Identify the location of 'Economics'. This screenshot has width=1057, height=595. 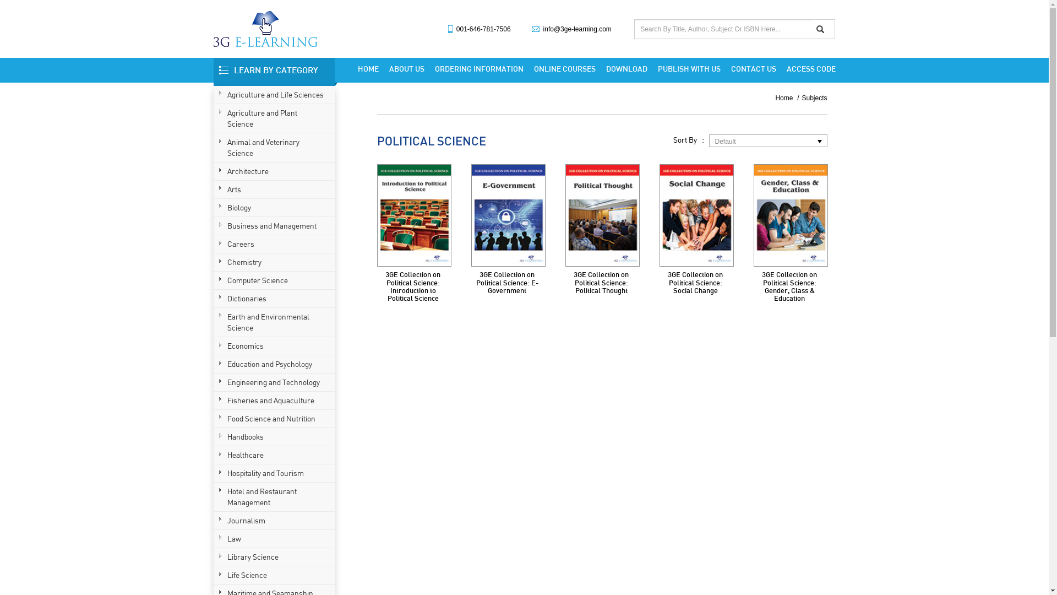
(275, 345).